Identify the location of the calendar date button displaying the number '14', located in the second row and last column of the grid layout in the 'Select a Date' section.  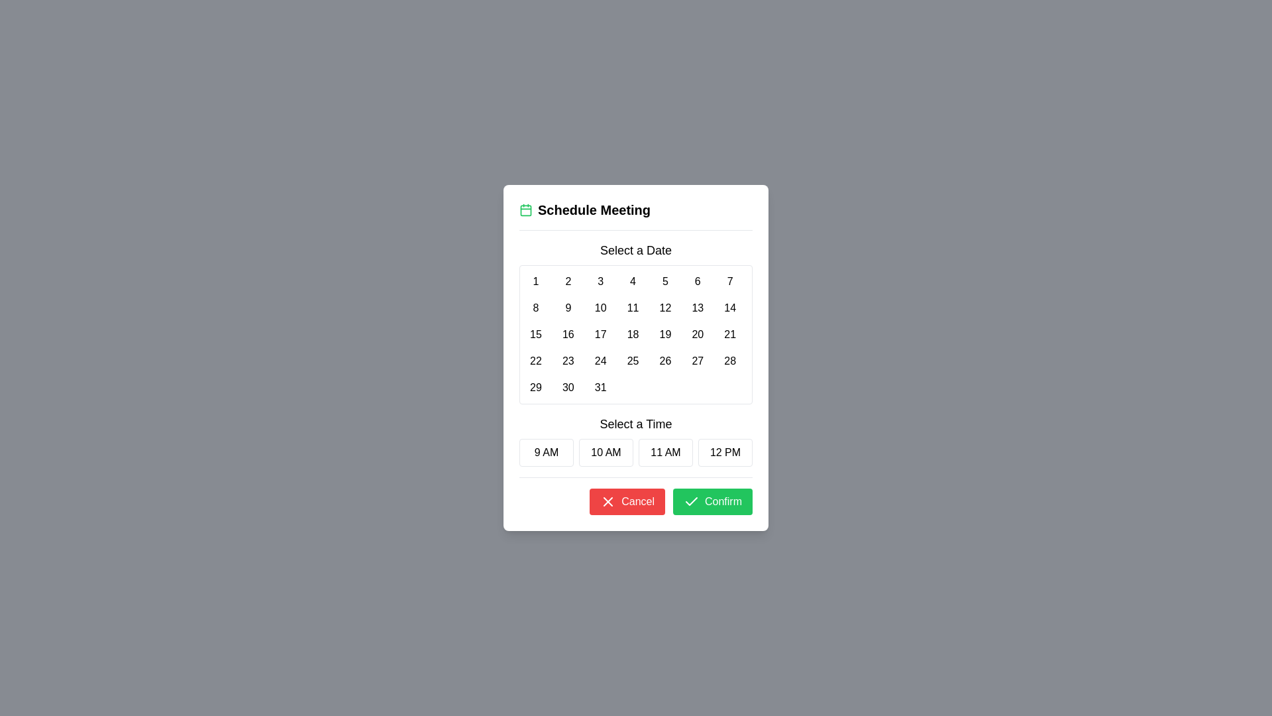
(729, 308).